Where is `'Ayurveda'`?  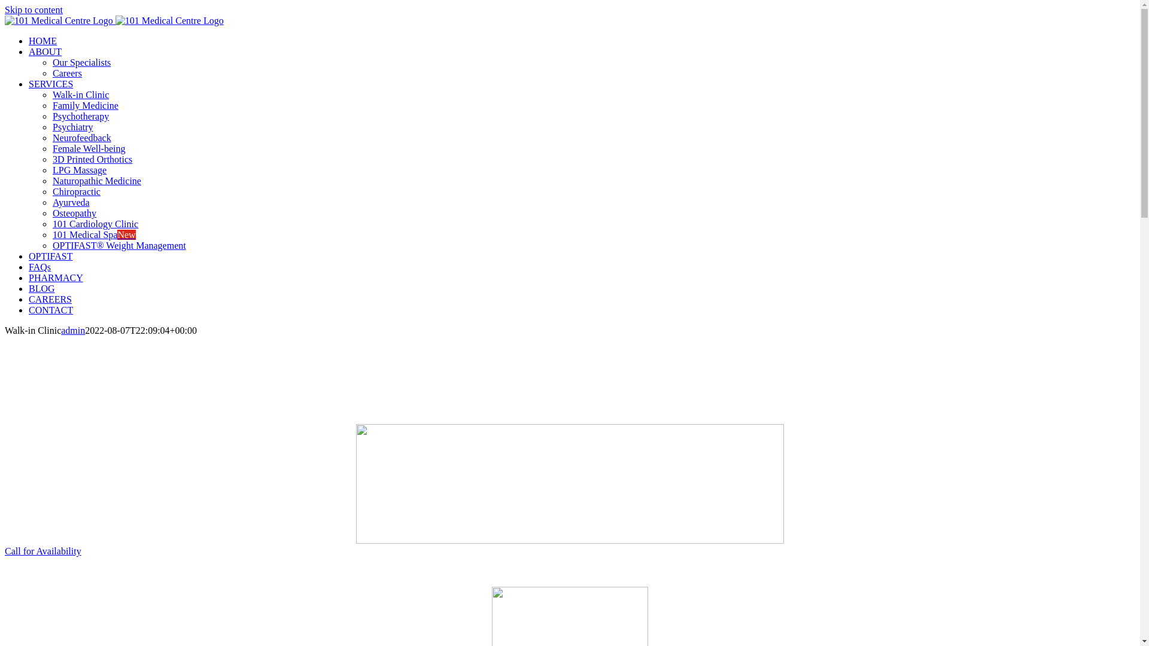
'Ayurveda' is located at coordinates (51, 202).